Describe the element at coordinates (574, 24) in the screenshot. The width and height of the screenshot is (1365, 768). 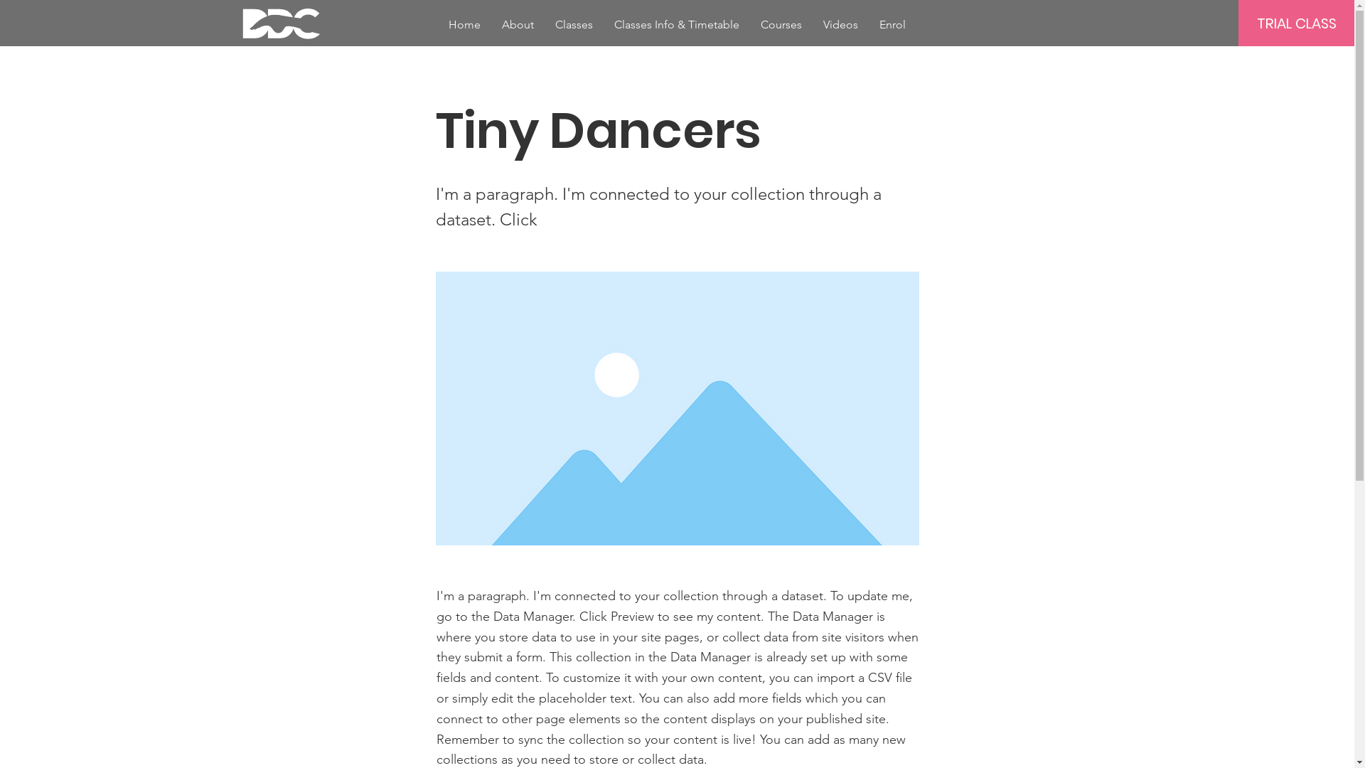
I see `'Classes'` at that location.